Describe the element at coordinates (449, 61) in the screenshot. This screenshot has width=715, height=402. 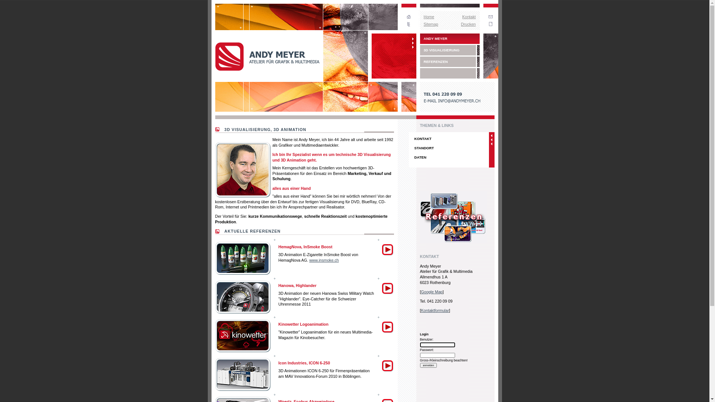
I see `'REFERENZEN'` at that location.